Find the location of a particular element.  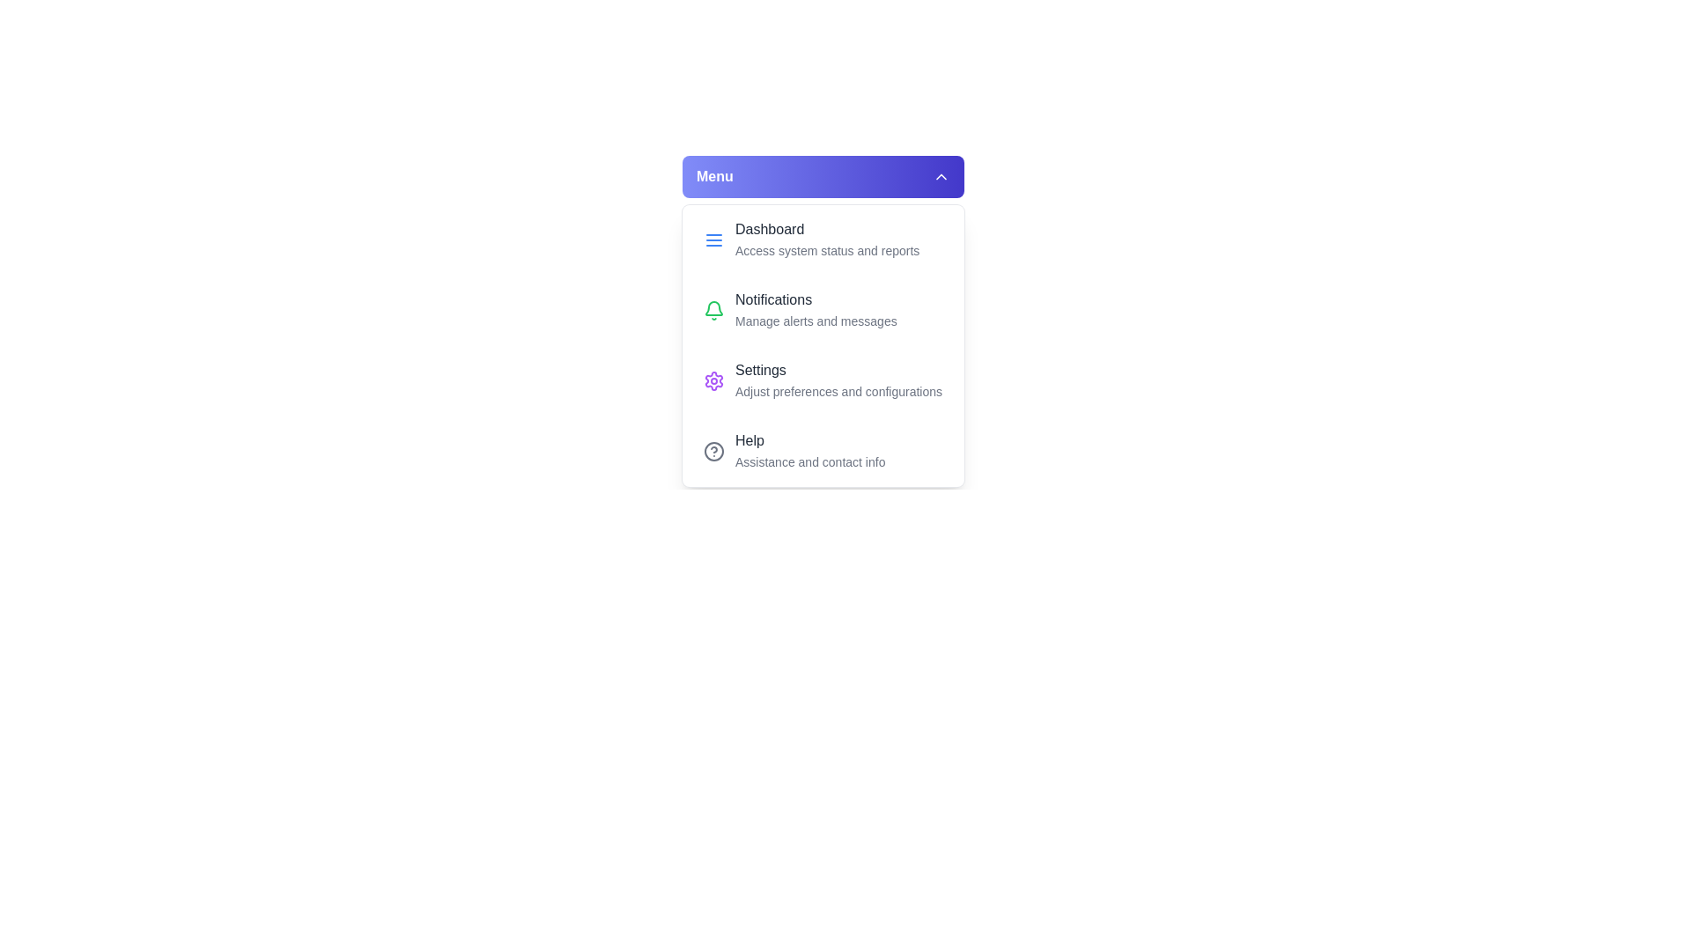

the circular vector graphic that is part of the help icon in the bottom row of the vertical menu is located at coordinates (714, 451).